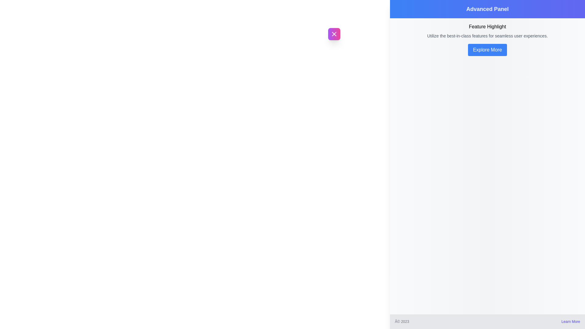 The image size is (585, 329). I want to click on the static text label 'Advanced Panel' which is styled in a bold and larger font, located at the top of the panel against a gradient blue to indigo background, so click(487, 9).